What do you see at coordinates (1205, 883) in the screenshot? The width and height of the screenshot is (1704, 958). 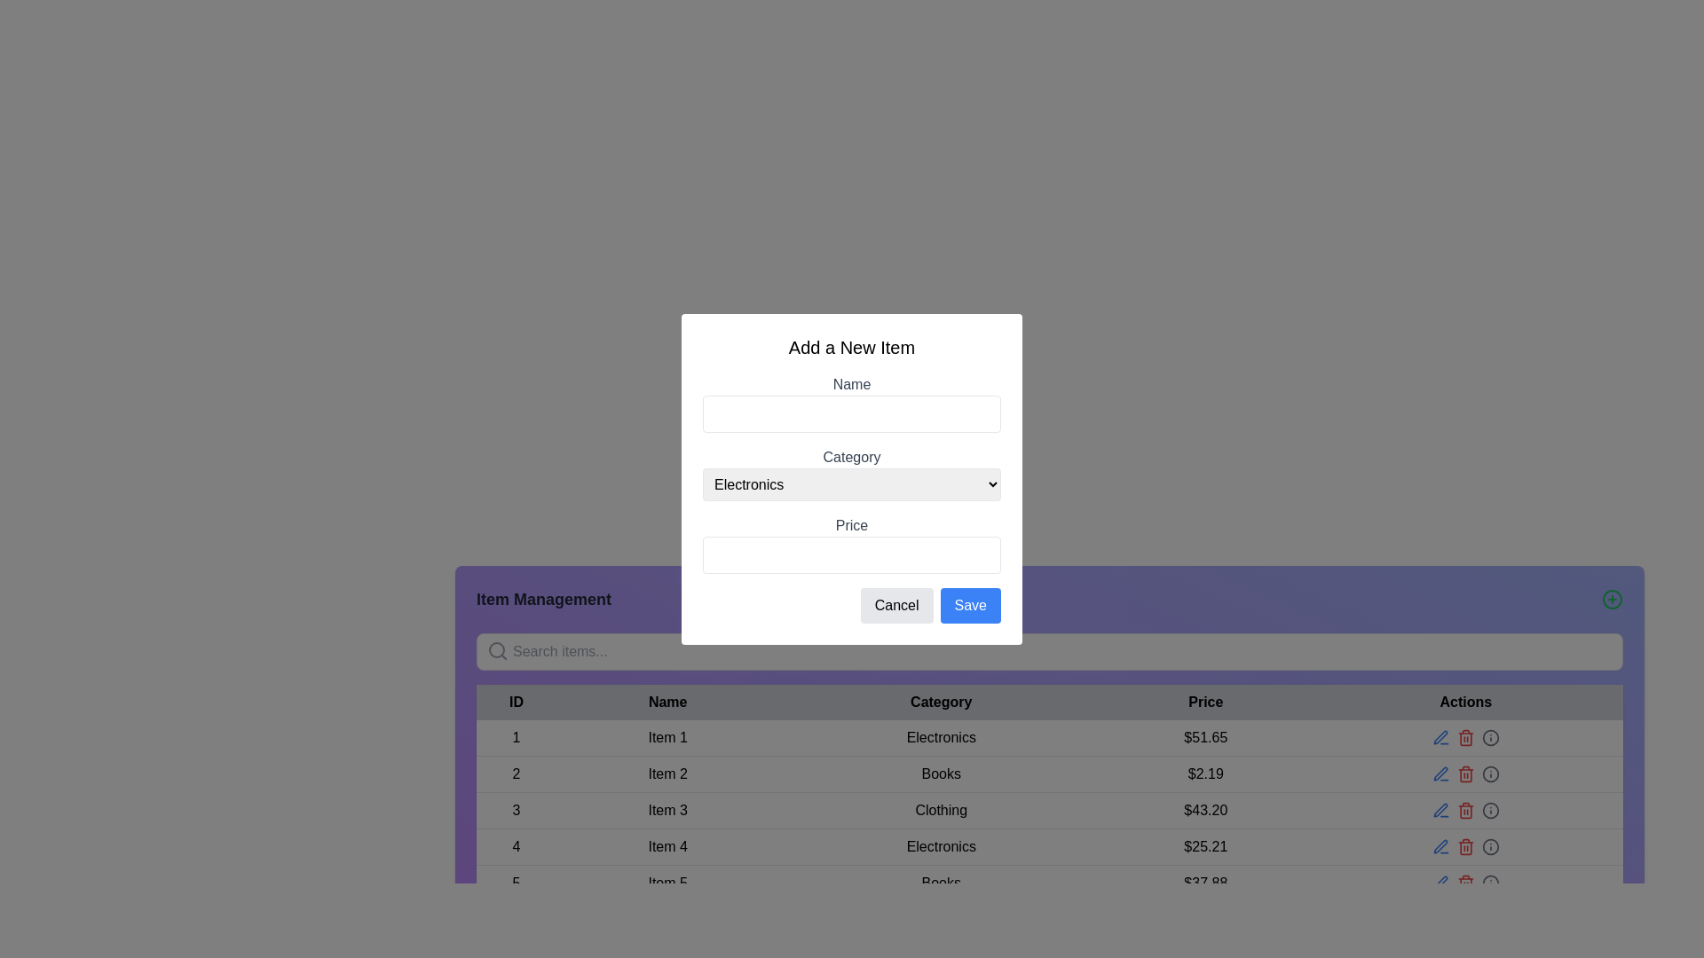 I see `the text label displaying the price '$37.88' in the fifth row of the table within the 'Price' column` at bounding box center [1205, 883].